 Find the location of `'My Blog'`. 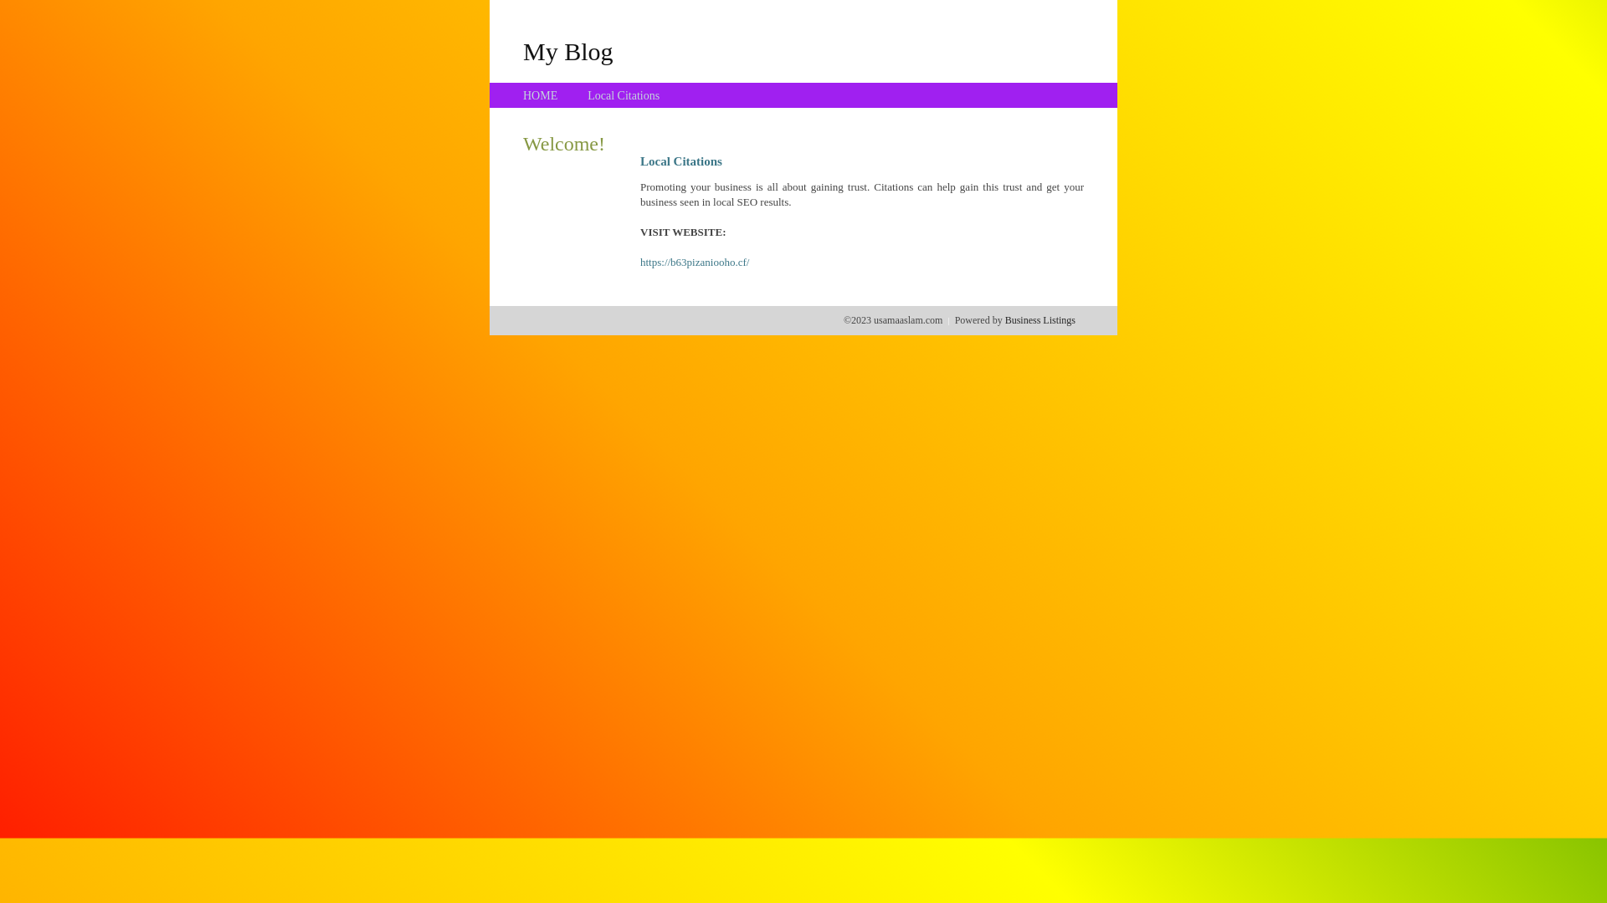

'My Blog' is located at coordinates (567, 50).